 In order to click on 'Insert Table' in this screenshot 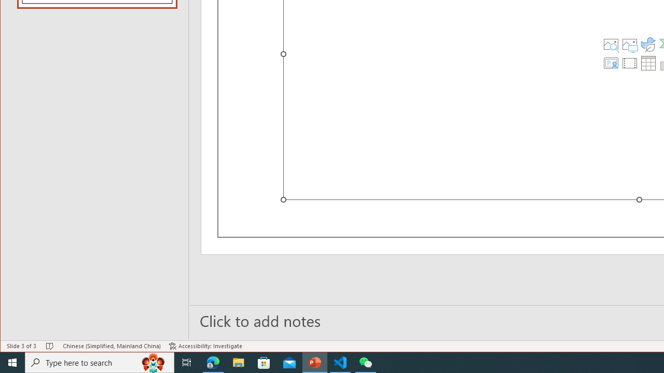, I will do `click(647, 63)`.